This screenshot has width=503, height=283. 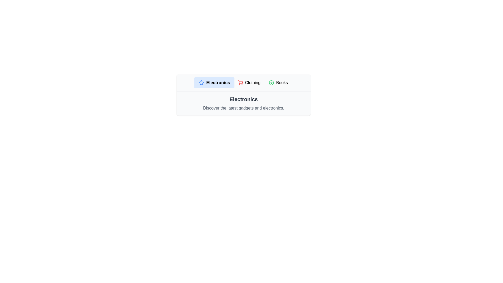 What do you see at coordinates (278, 83) in the screenshot?
I see `the Books tab to select it` at bounding box center [278, 83].